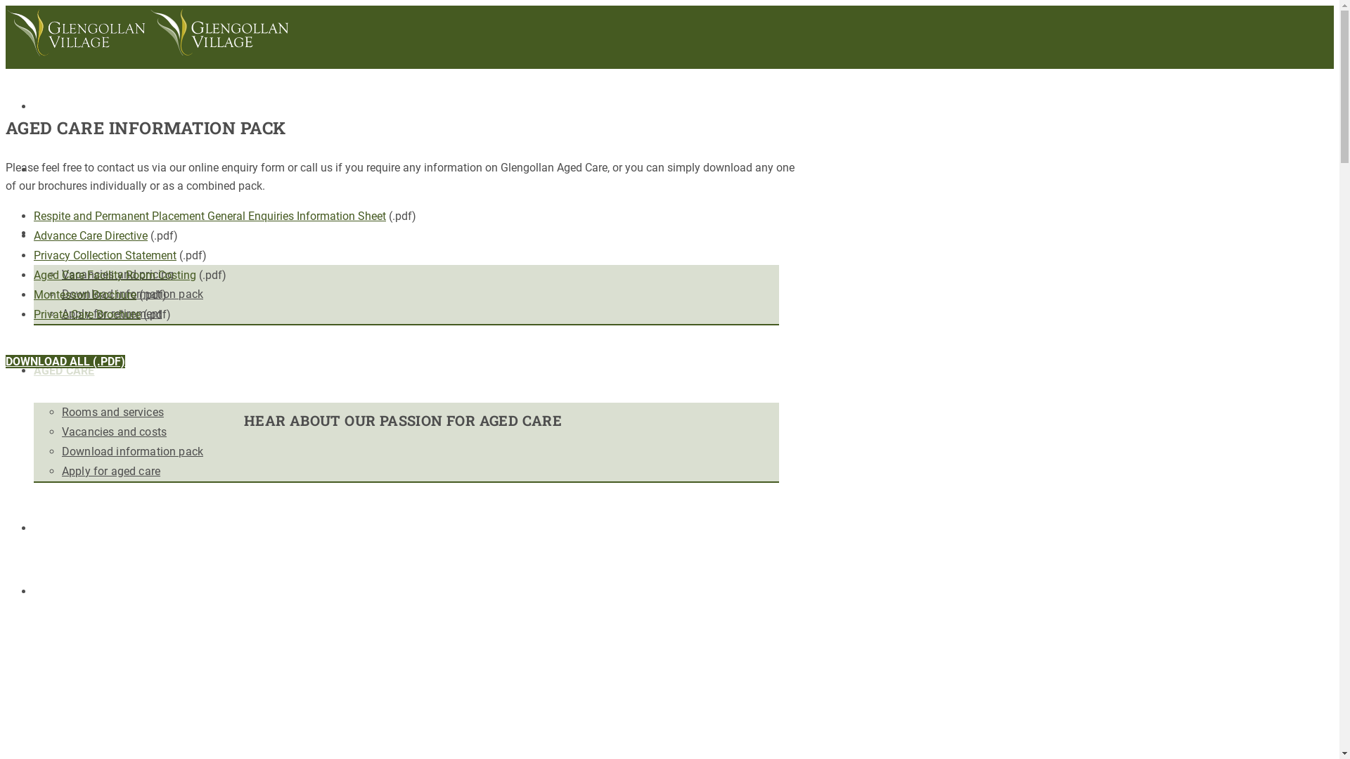 This screenshot has width=1350, height=759. What do you see at coordinates (86, 313) in the screenshot?
I see `'Private Care Brochure'` at bounding box center [86, 313].